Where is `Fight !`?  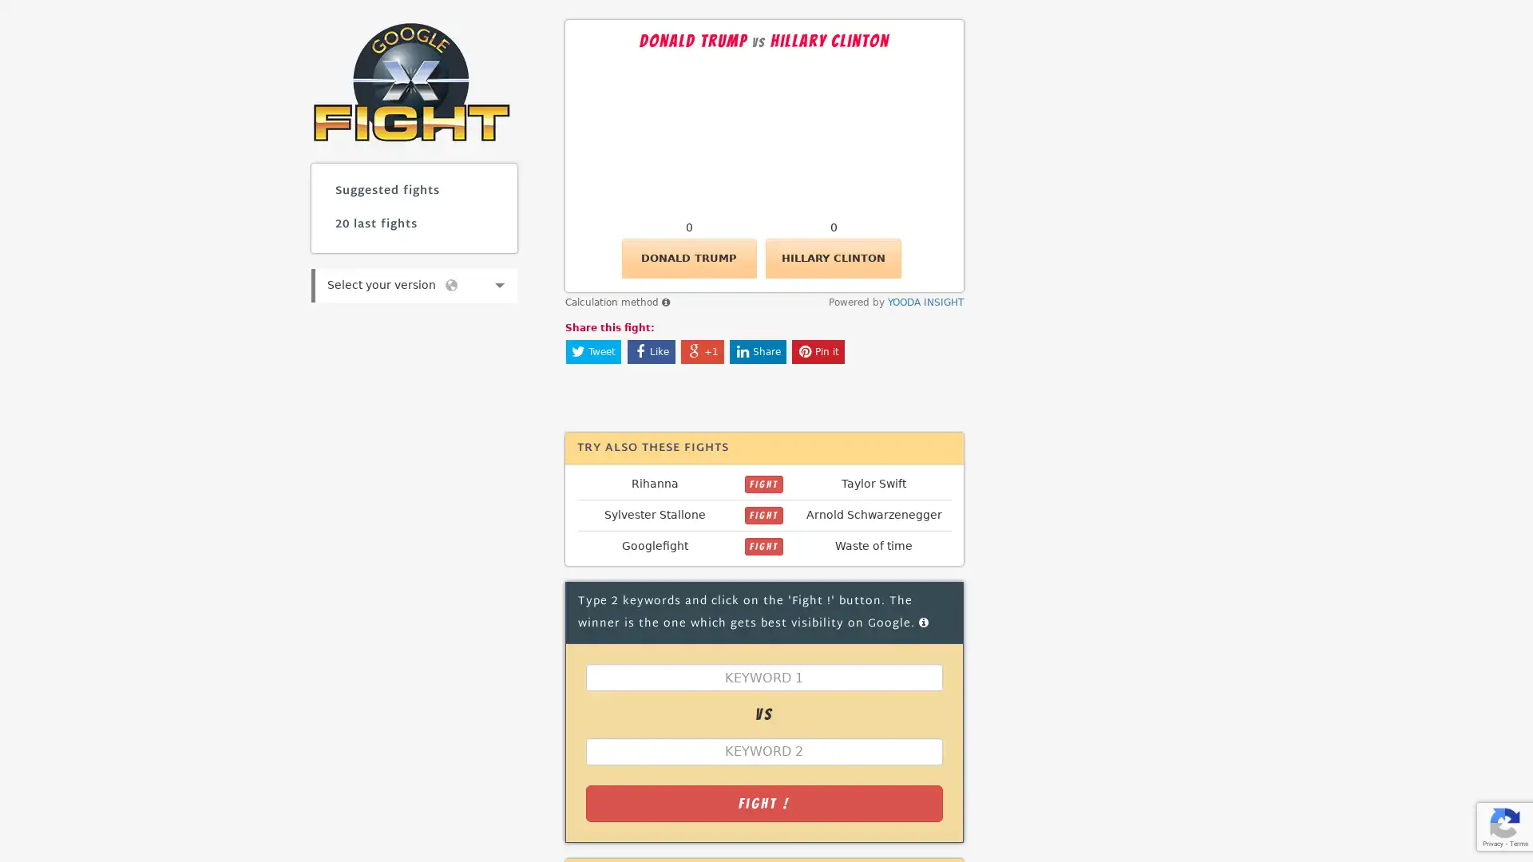 Fight ! is located at coordinates (763, 803).